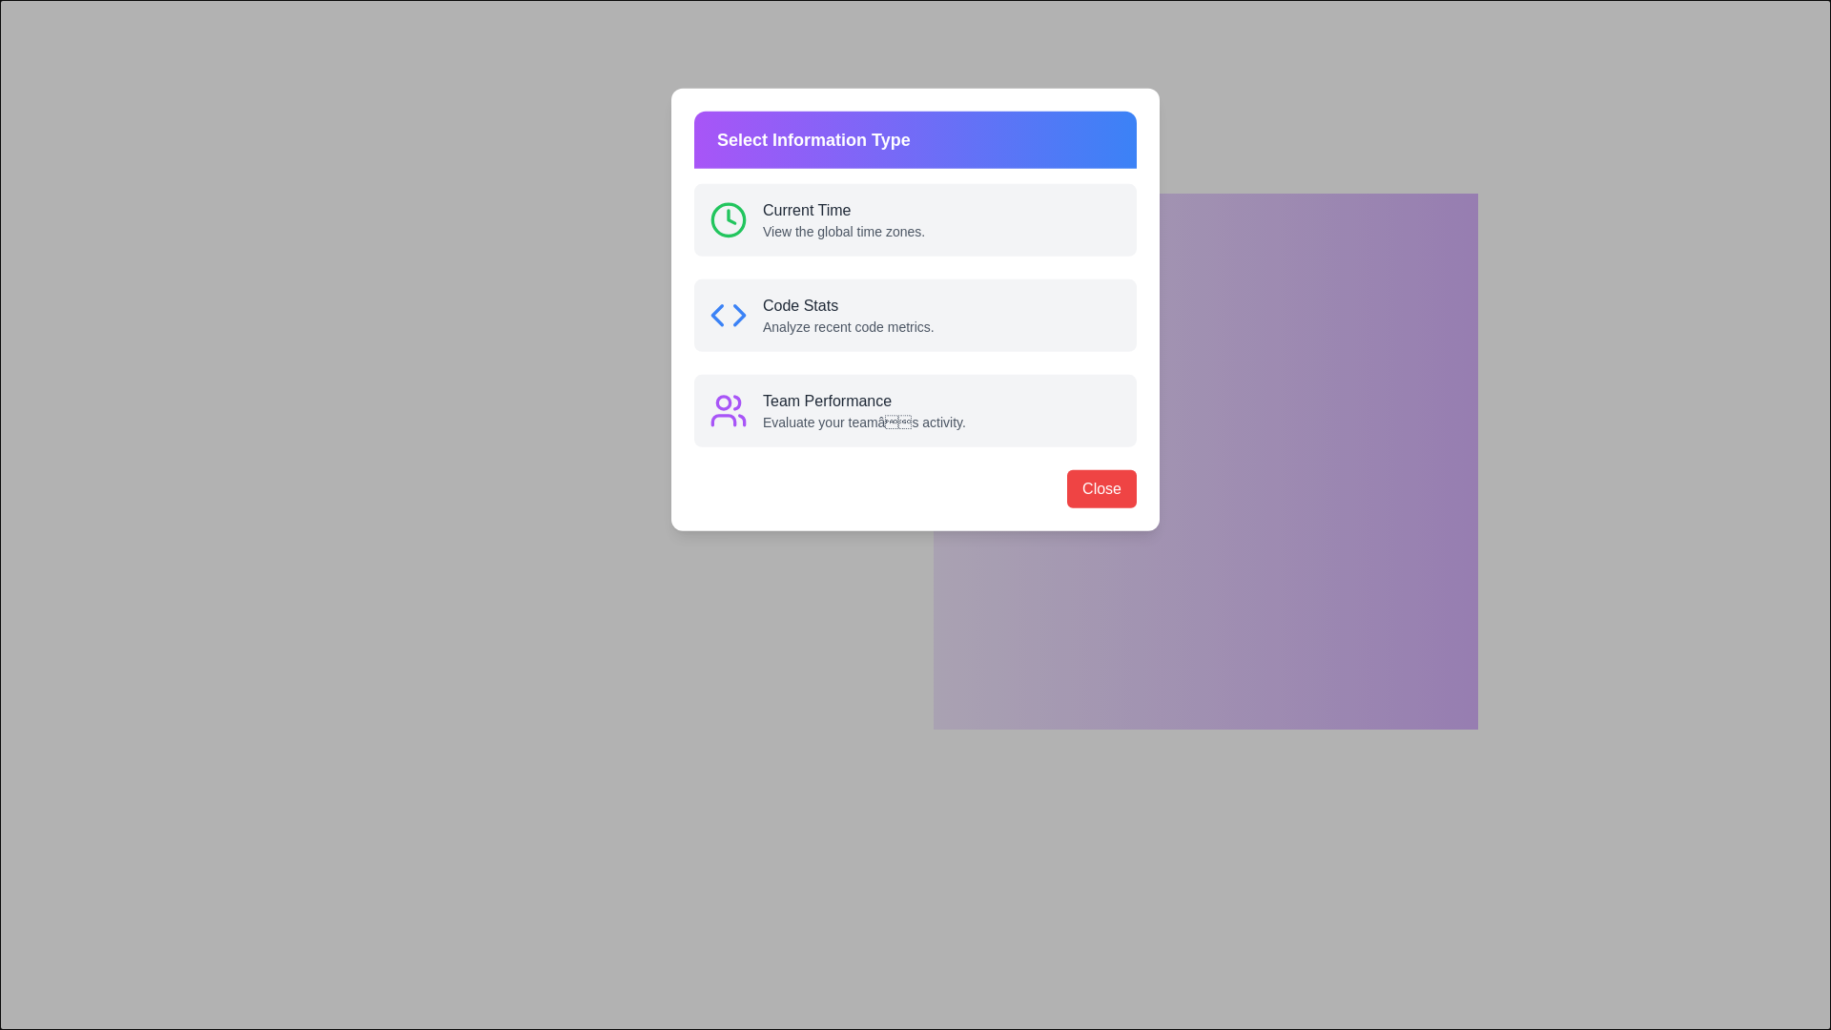  What do you see at coordinates (953, 191) in the screenshot?
I see `the information section labeled 'Current Time' to explore its details` at bounding box center [953, 191].